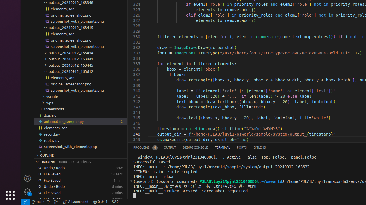 This screenshot has width=366, height=205. Describe the element at coordinates (100, 201) in the screenshot. I see `'Warnings: 4'` at that location.